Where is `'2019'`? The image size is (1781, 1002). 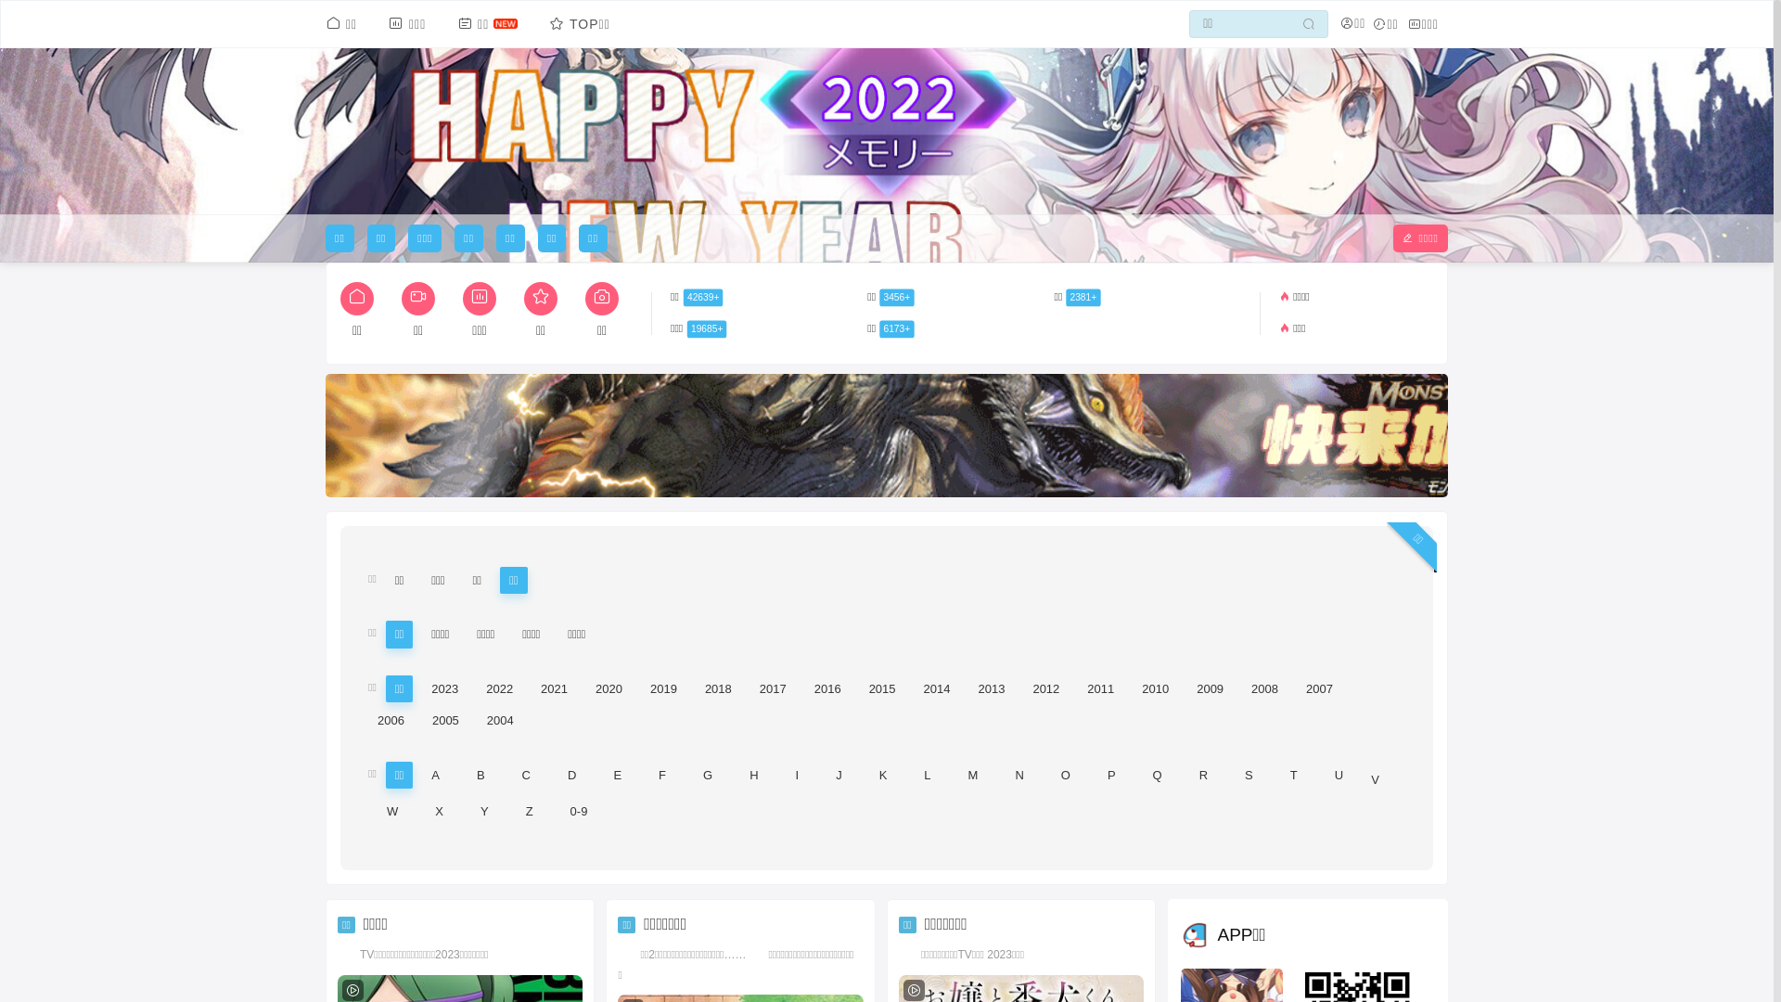
'2019' is located at coordinates (663, 688).